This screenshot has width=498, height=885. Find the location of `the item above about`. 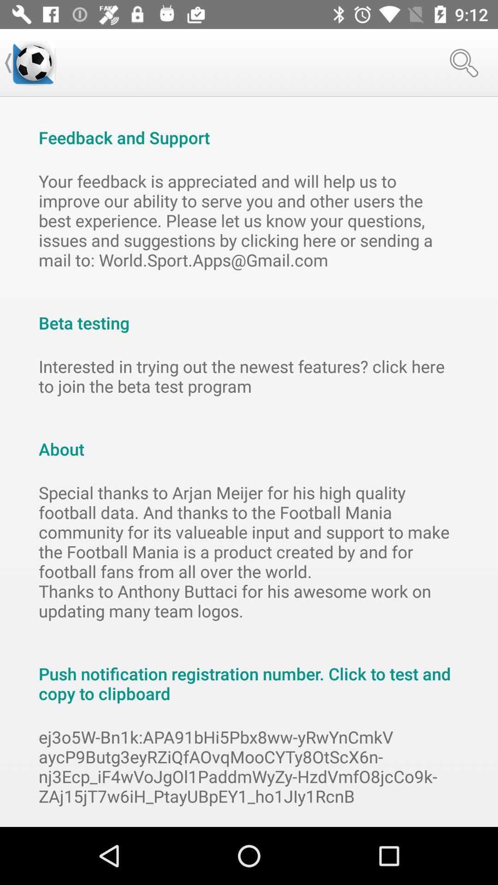

the item above about is located at coordinates (249, 376).